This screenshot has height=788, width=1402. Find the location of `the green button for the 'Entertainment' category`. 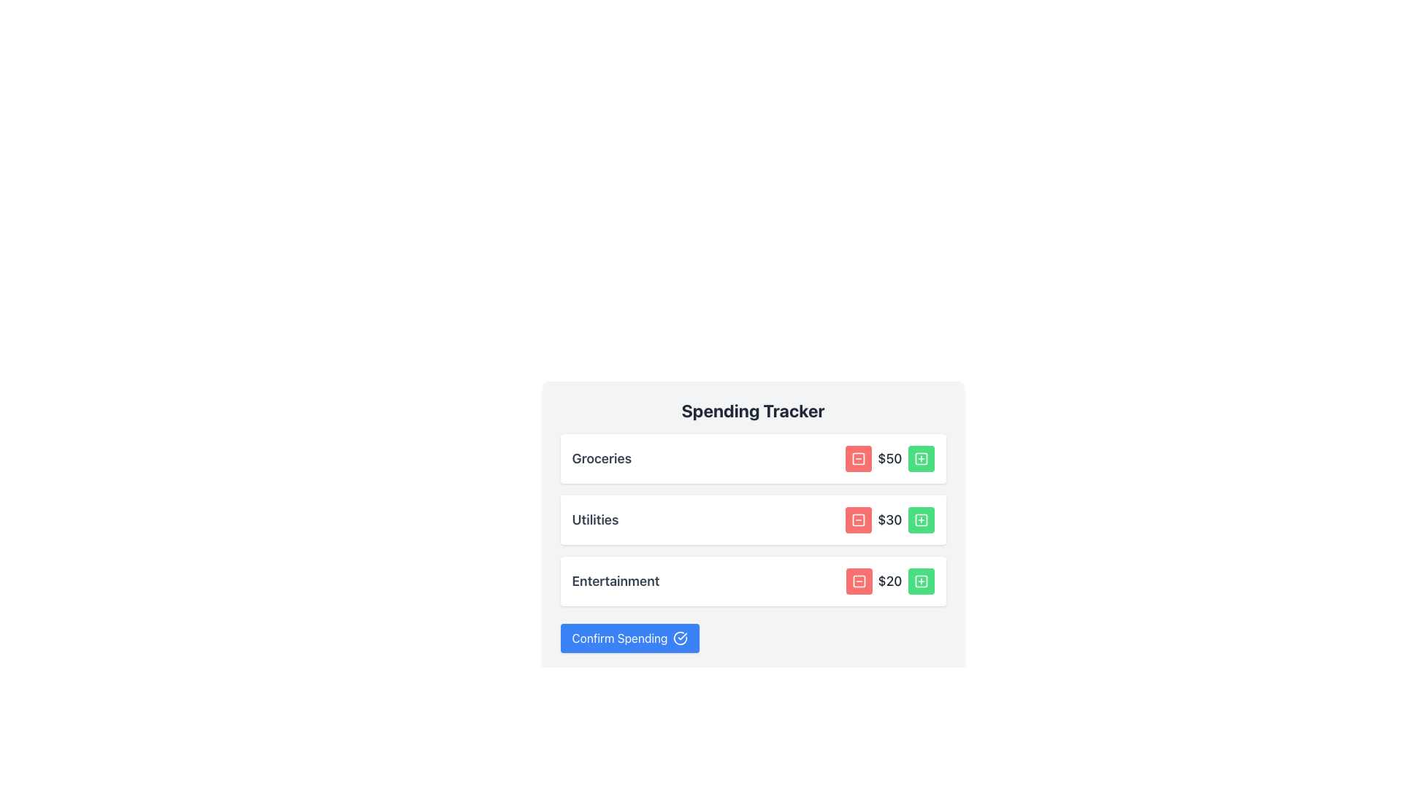

the green button for the 'Entertainment' category is located at coordinates (920, 581).